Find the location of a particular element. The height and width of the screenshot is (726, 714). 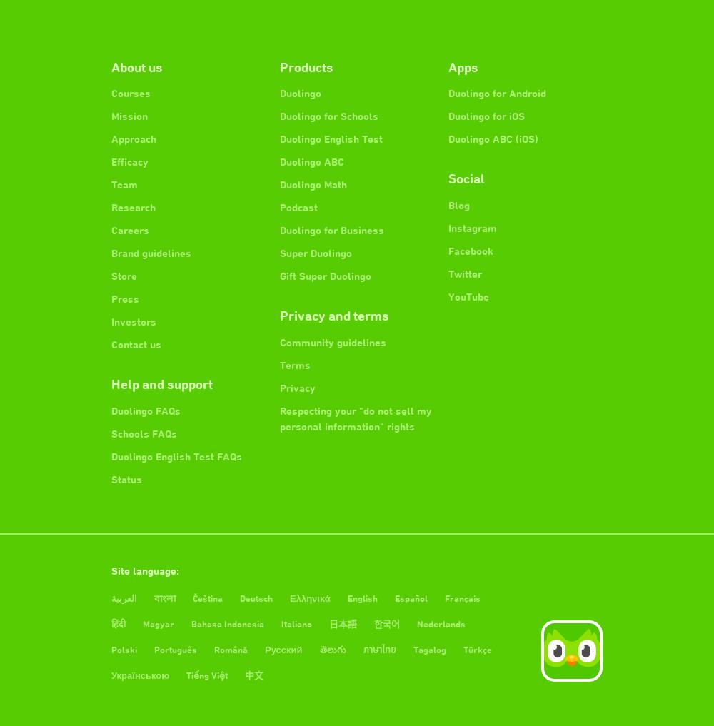

'Bahasa Indonesia' is located at coordinates (191, 624).